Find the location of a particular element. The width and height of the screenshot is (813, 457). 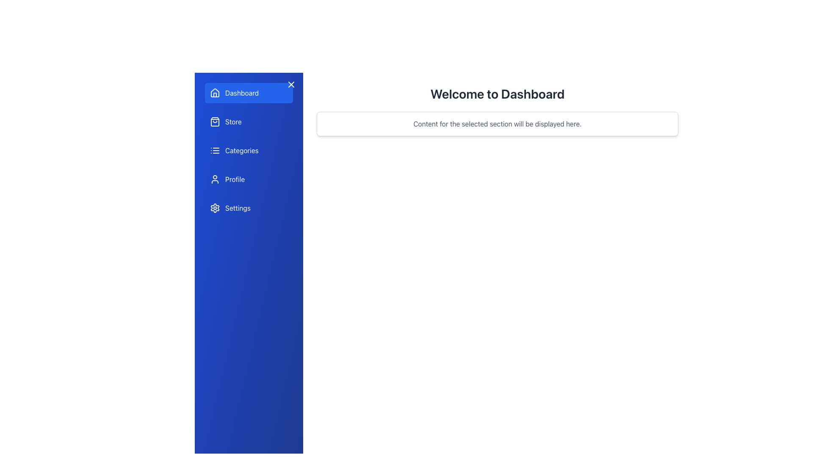

the Text Header, which is the main title or heading of the dashboard page, positioned at the top and horizontally centered is located at coordinates (498, 94).